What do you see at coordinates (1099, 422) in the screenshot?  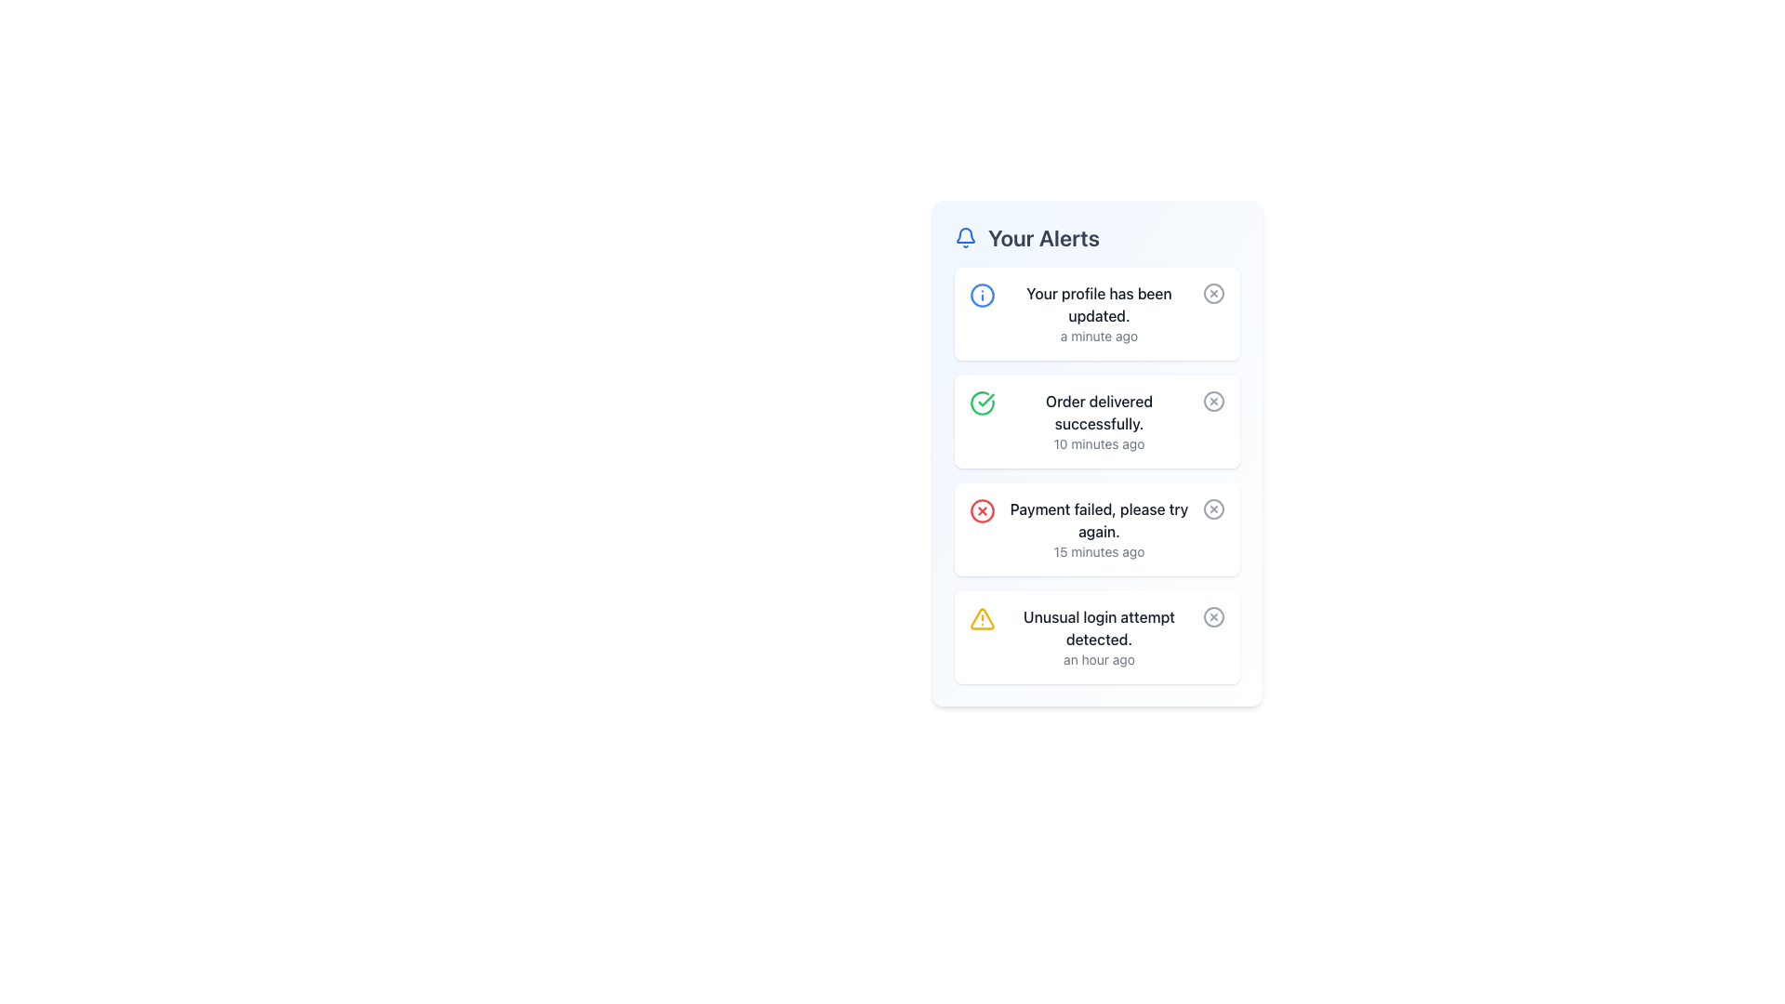 I see `notification detail from the Text Block that indicates the successful delivery of an order, located in the second row of the alert list in the central card` at bounding box center [1099, 422].